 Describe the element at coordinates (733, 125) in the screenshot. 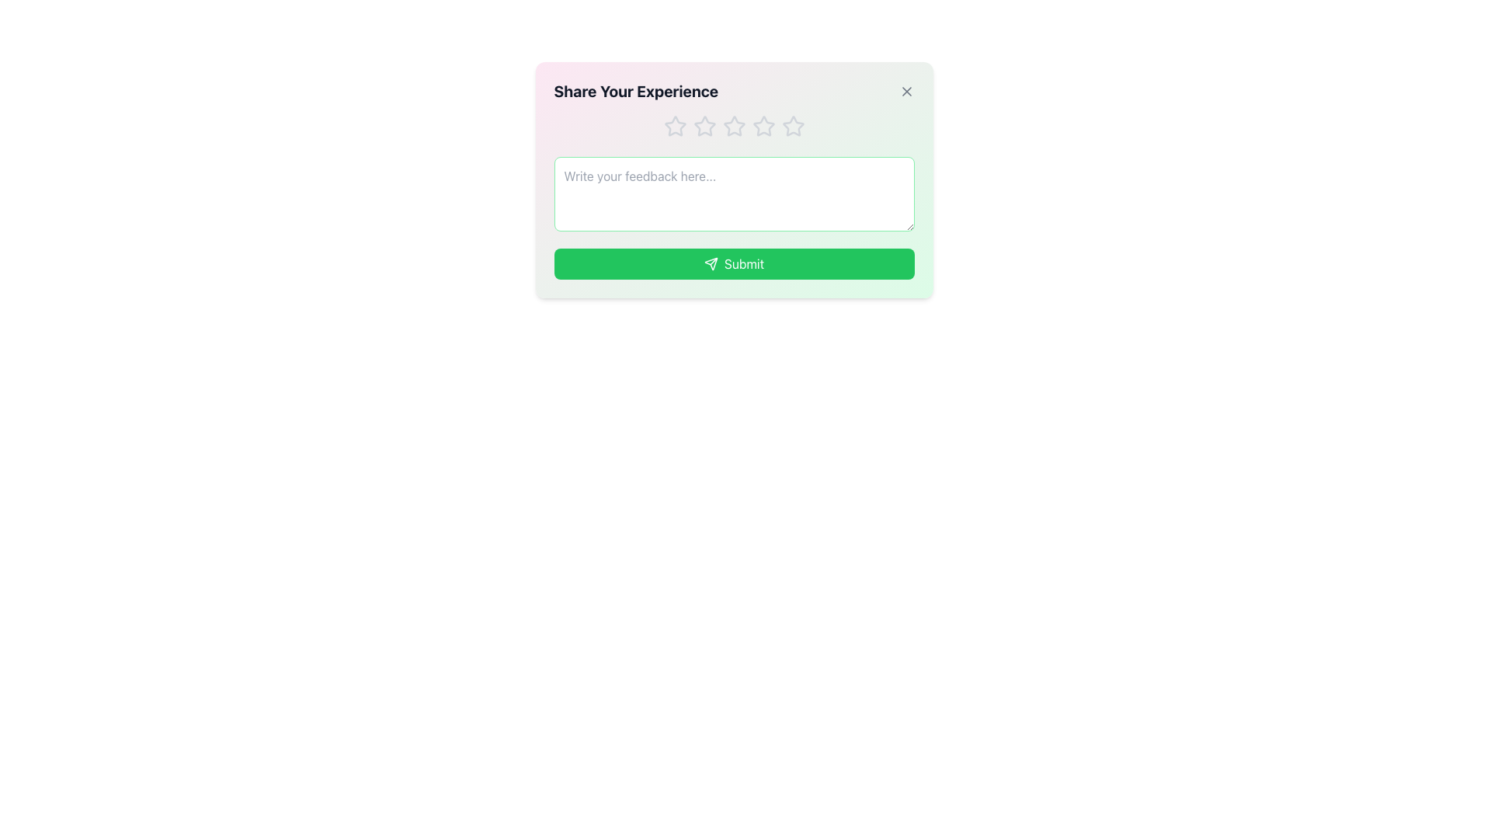

I see `the star in the Rating control` at that location.